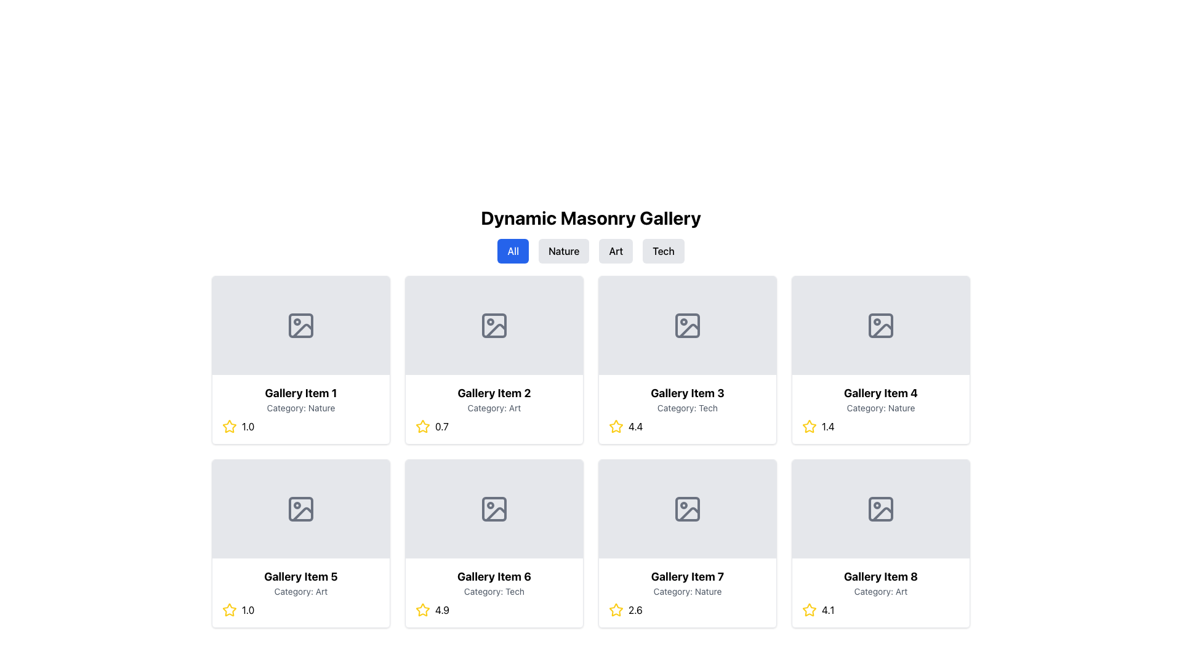 The image size is (1182, 665). What do you see at coordinates (422, 610) in the screenshot?
I see `the high rating vector graphic icon positioned to the left of the numerical value '4.9' below 'Gallery Item 6'` at bounding box center [422, 610].